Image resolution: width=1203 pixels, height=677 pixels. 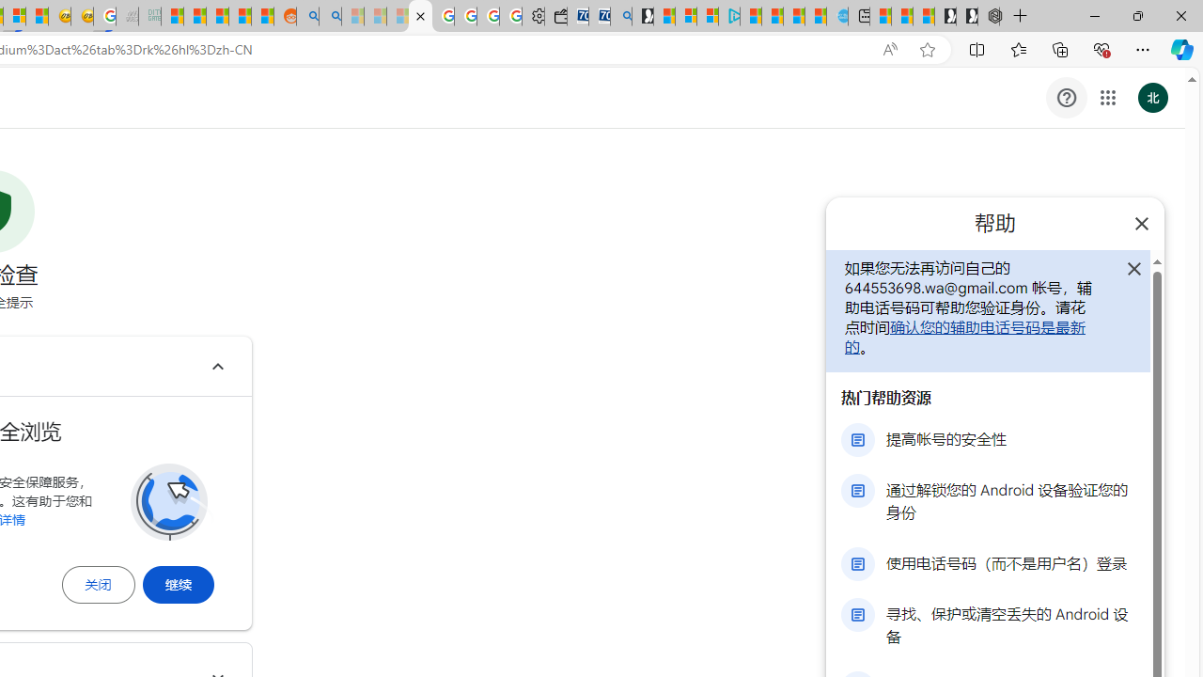 I want to click on 'Navy Quest', so click(x=126, y=16).